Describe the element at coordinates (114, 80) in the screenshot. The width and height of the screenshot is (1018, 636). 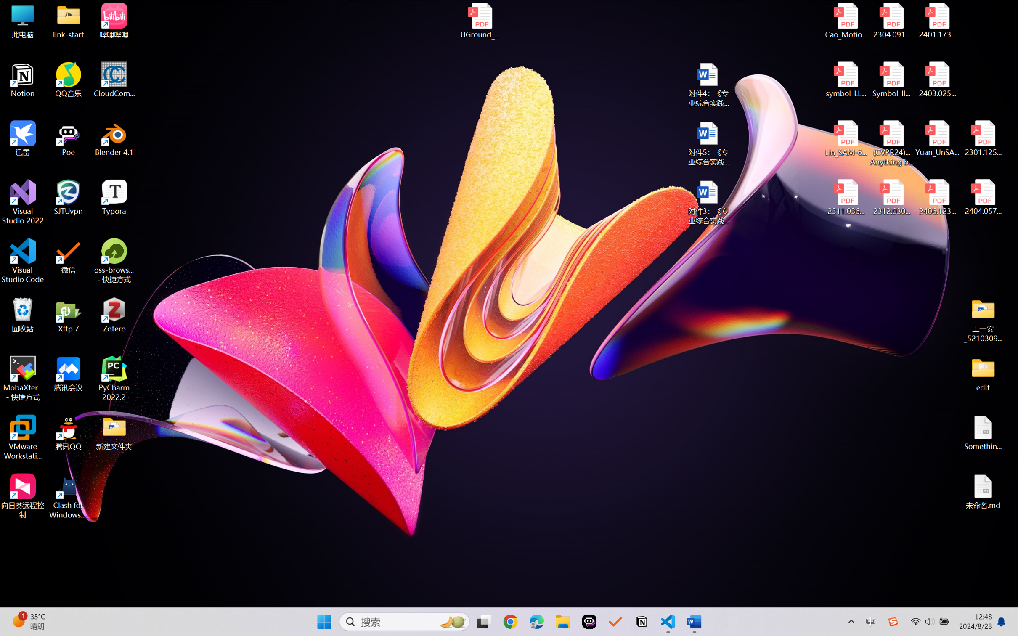
I see `'CloudCompare'` at that location.